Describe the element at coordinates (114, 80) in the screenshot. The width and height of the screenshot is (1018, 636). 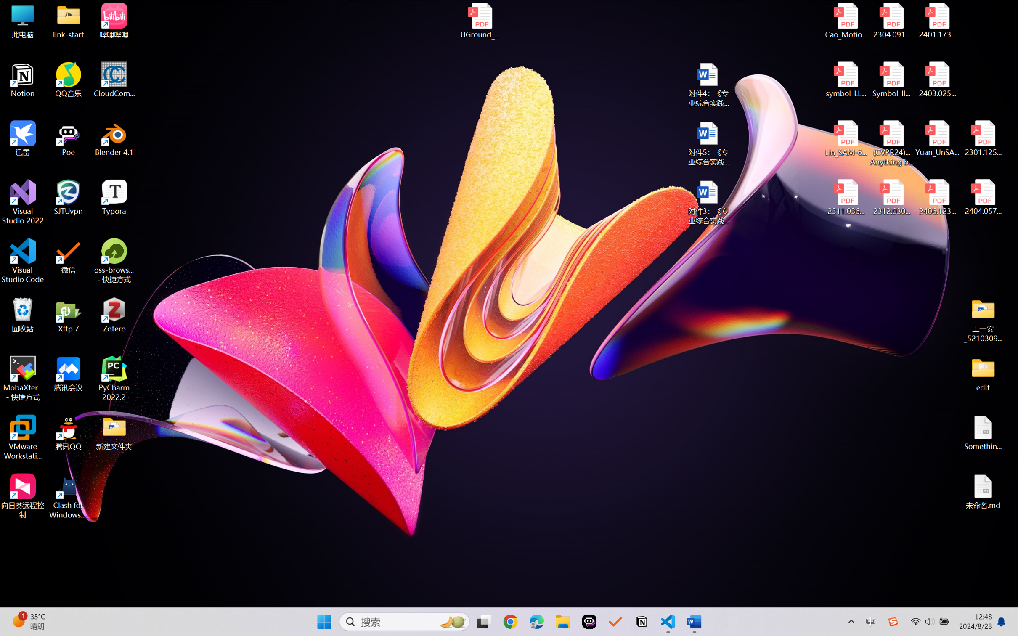
I see `'CloudCompare'` at that location.